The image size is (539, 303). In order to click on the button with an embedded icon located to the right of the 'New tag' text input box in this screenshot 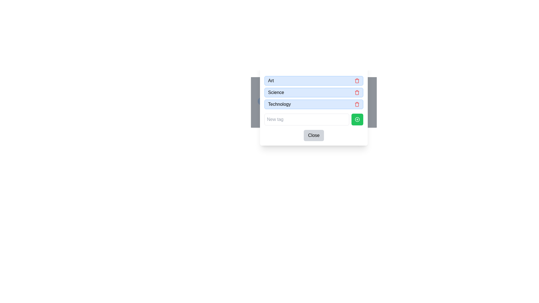, I will do `click(357, 119)`.